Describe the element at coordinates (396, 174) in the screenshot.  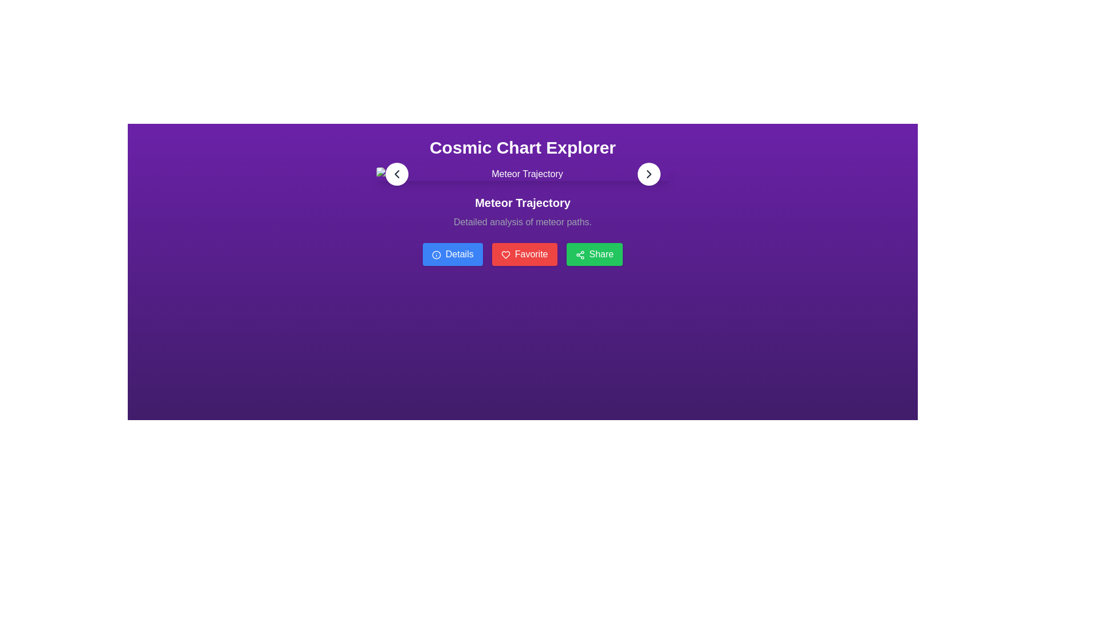
I see `the 'Back' navigation button located in the upper left section of the interface, which is within a circular button near the 'Cosmic Chart Explorer' header` at that location.